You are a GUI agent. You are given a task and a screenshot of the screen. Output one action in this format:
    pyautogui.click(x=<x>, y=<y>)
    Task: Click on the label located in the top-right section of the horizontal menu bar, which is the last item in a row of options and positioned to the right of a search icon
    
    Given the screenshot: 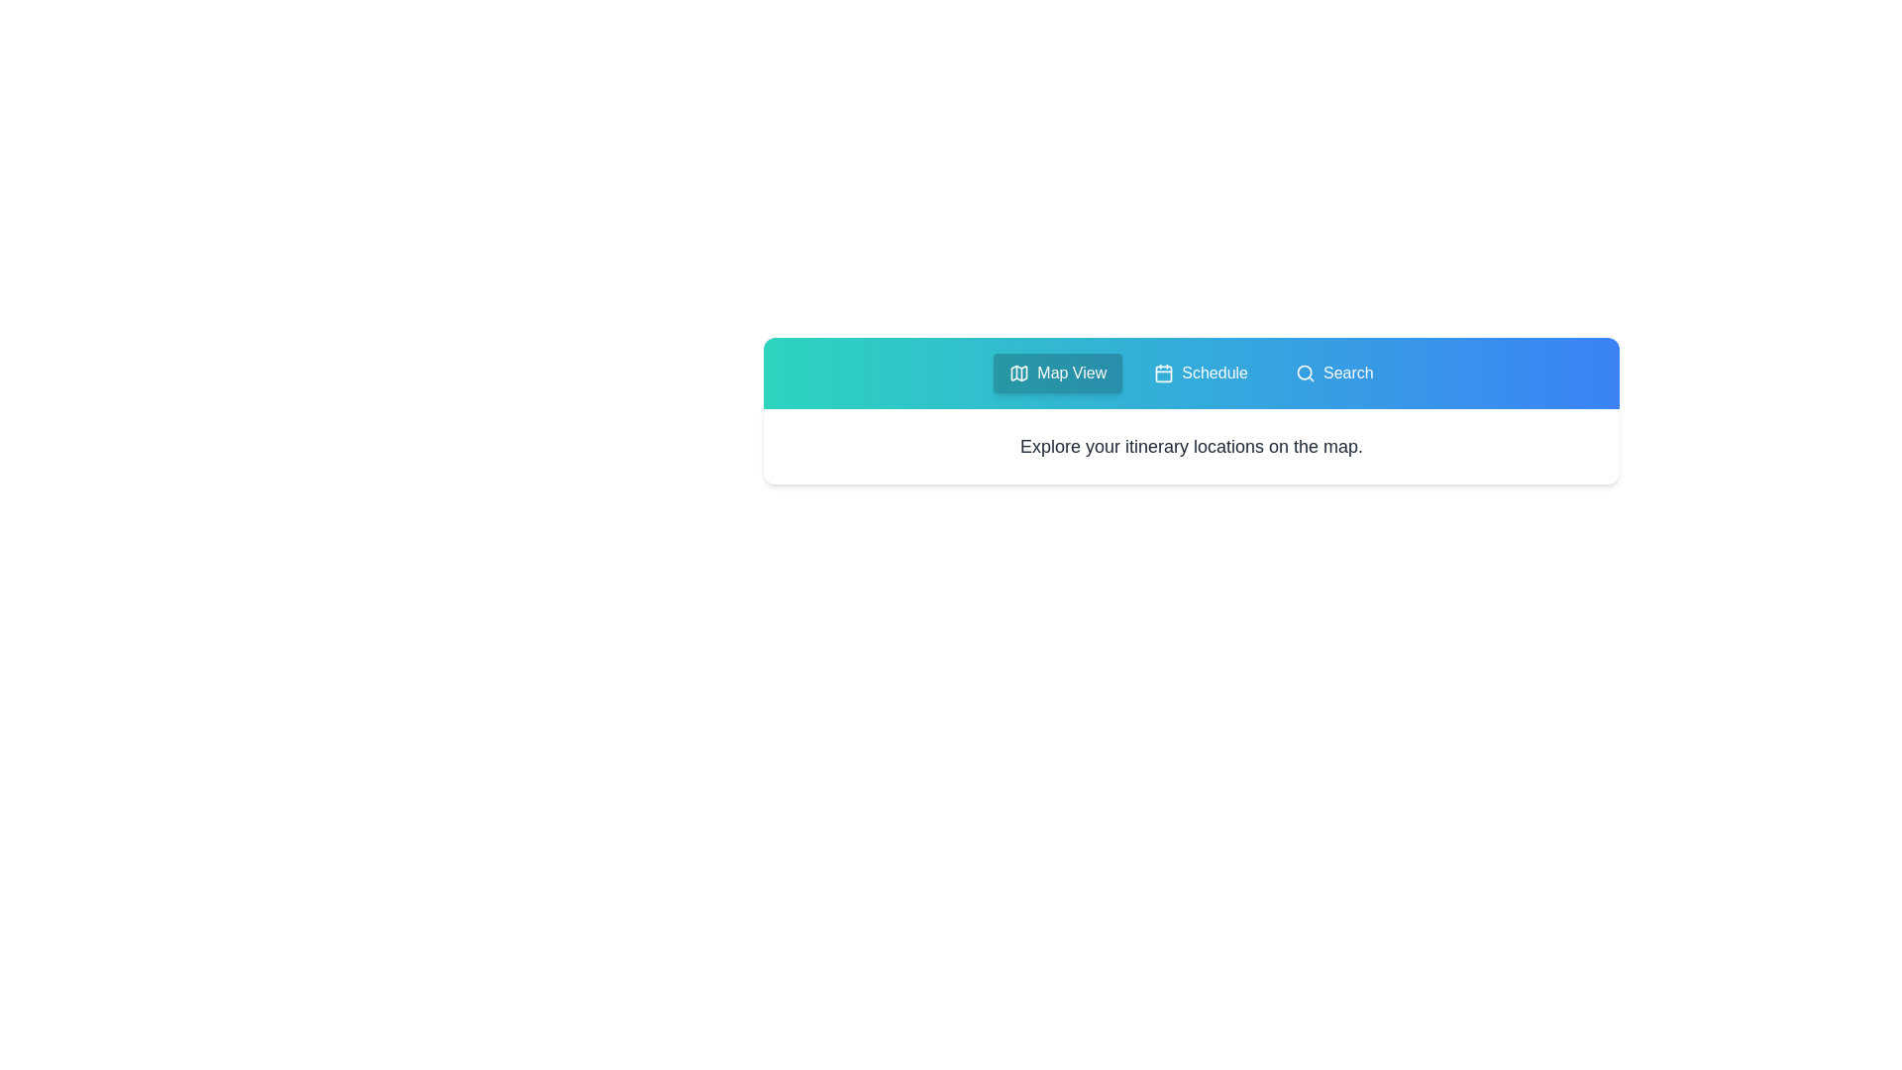 What is the action you would take?
    pyautogui.click(x=1347, y=374)
    